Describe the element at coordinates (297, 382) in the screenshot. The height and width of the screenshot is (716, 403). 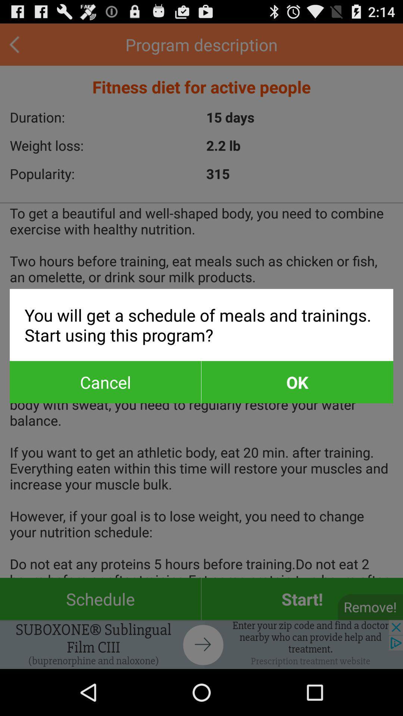
I see `item next to cancel` at that location.